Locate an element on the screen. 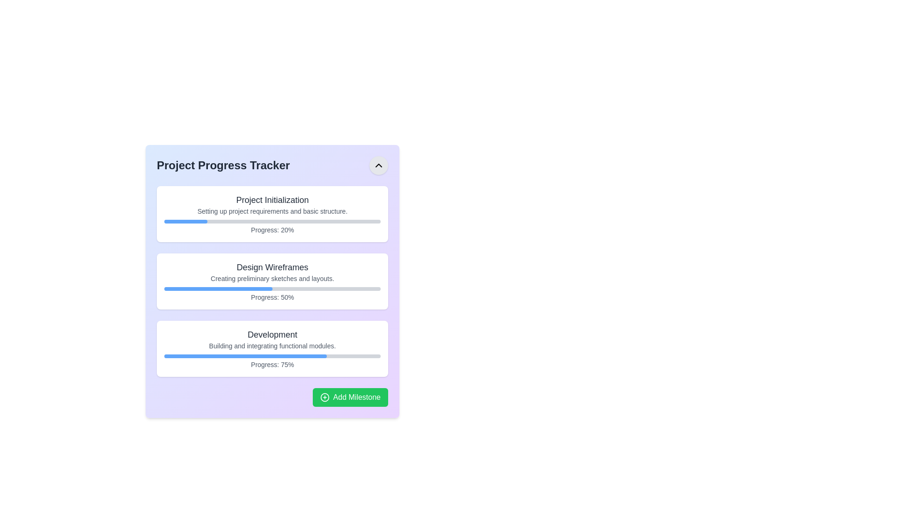 Image resolution: width=899 pixels, height=505 pixels. the interactive button located at the far right of the title bar labeled 'Project Progress Tracker' to initiate the collapse action is located at coordinates (379, 165).